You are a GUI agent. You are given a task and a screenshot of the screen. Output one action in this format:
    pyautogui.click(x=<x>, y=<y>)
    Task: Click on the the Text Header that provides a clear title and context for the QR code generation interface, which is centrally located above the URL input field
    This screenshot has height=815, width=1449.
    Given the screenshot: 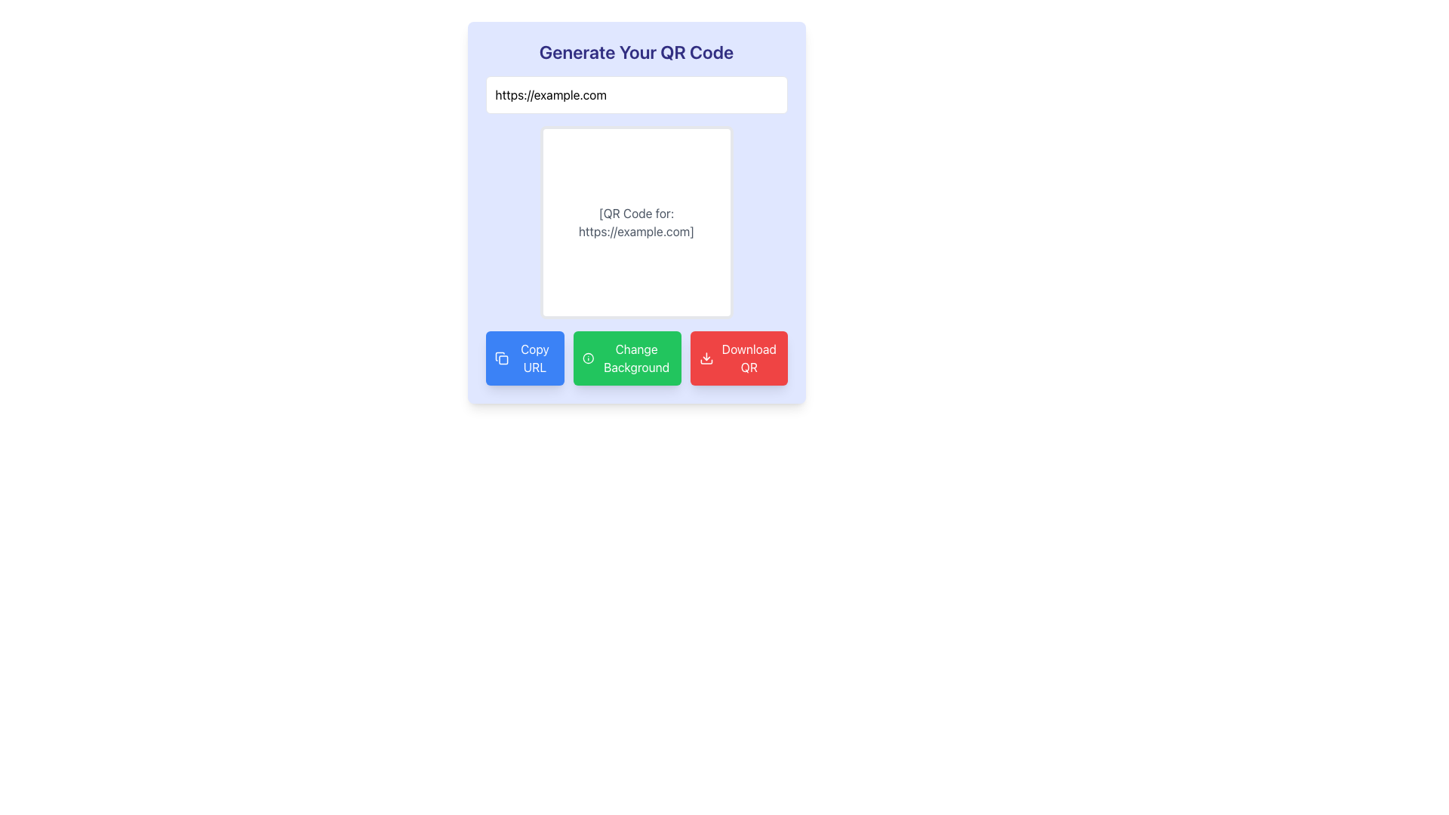 What is the action you would take?
    pyautogui.click(x=636, y=51)
    